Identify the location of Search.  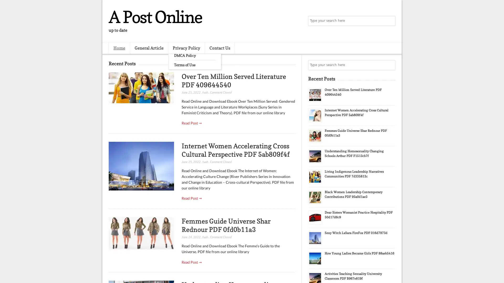
(390, 21).